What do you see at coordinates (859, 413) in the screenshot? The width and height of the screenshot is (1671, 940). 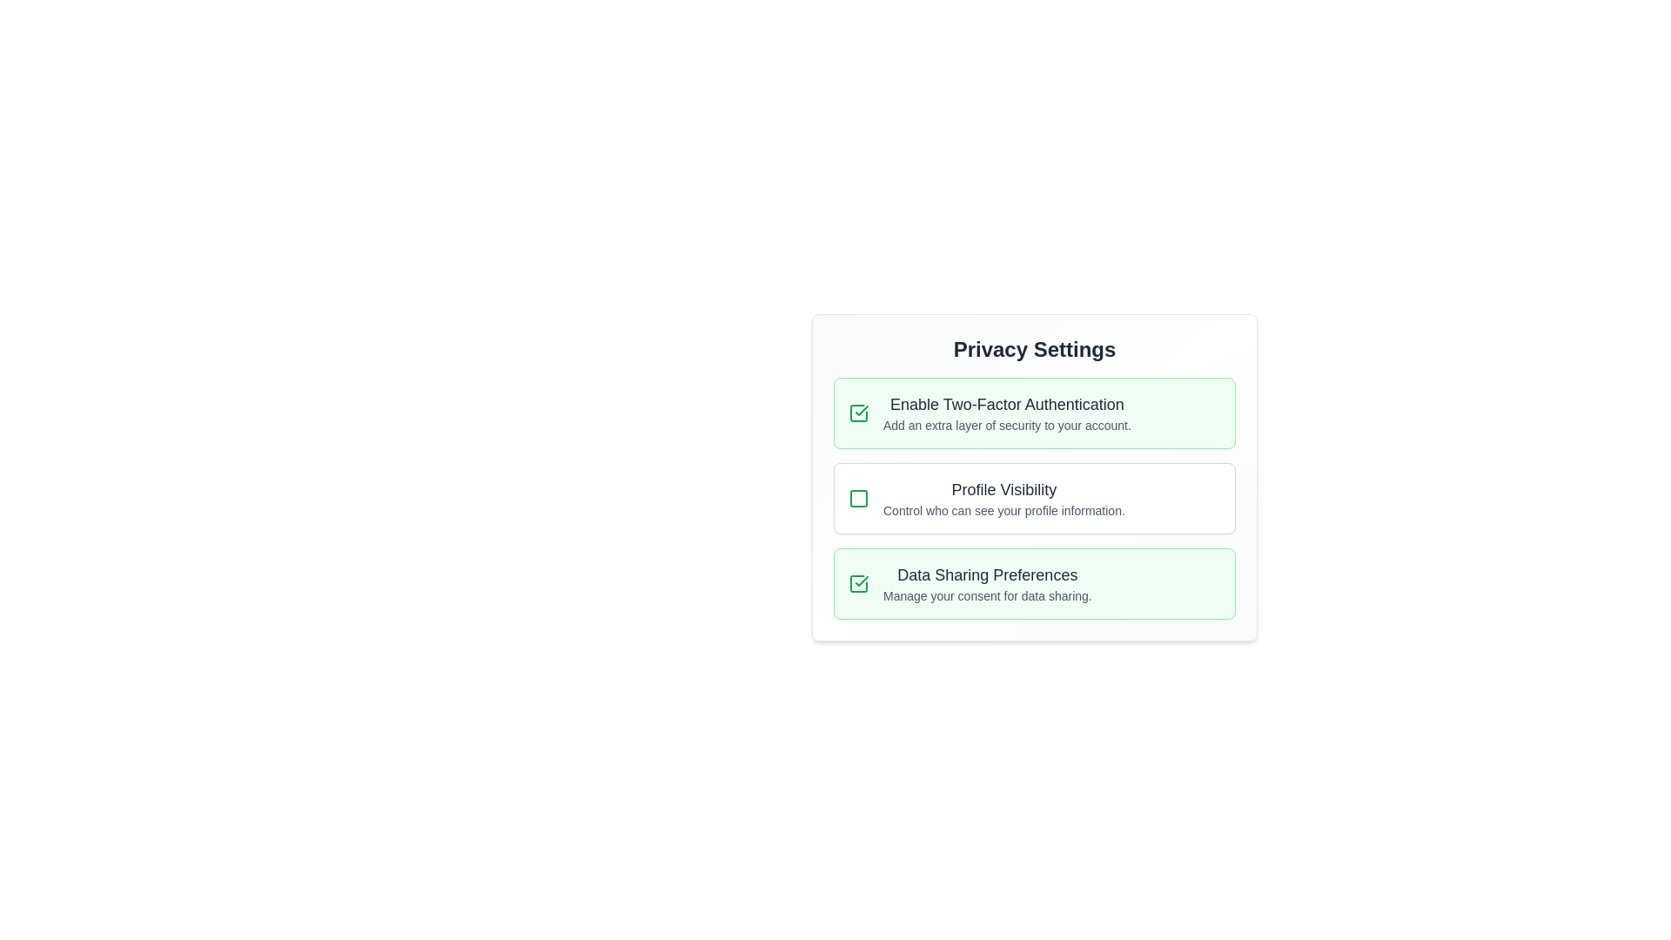 I see `the green checkmark icon within the square outline to deselect the 'Enable Two-Factor Authentication' checkbox` at bounding box center [859, 413].